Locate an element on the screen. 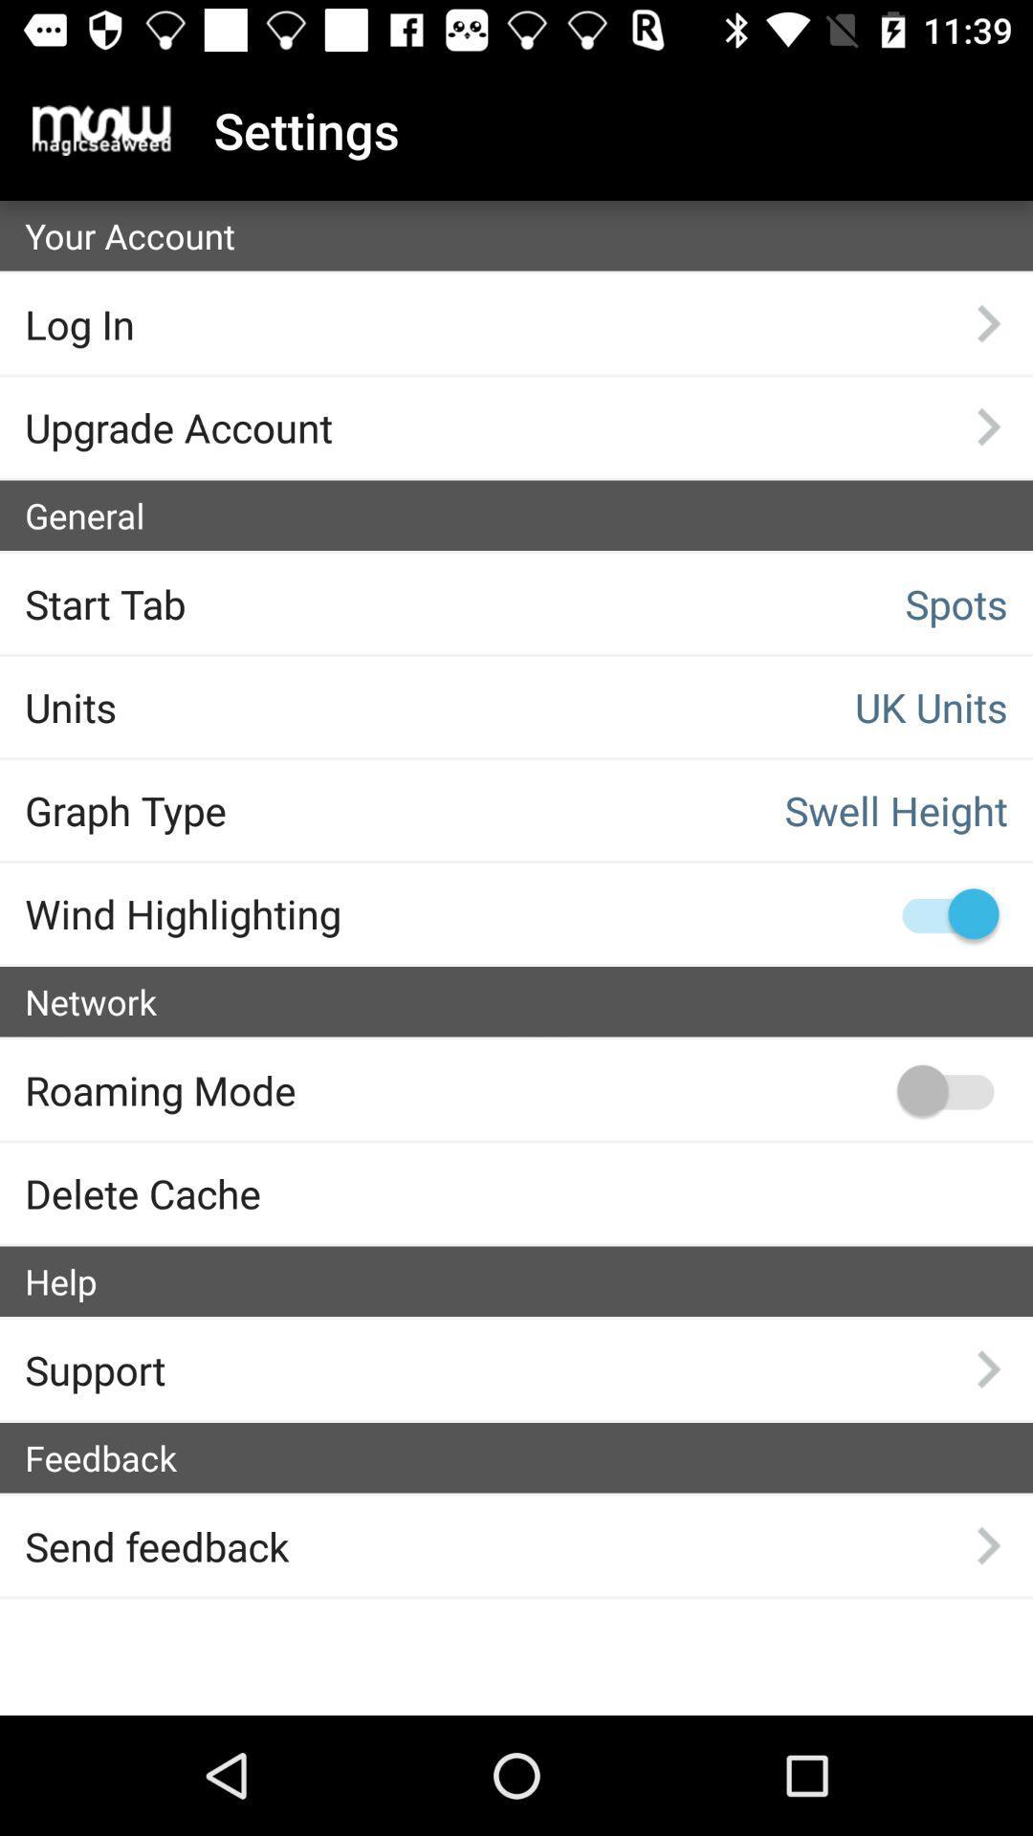  the button which is next to the roaming mode is located at coordinates (944, 1090).